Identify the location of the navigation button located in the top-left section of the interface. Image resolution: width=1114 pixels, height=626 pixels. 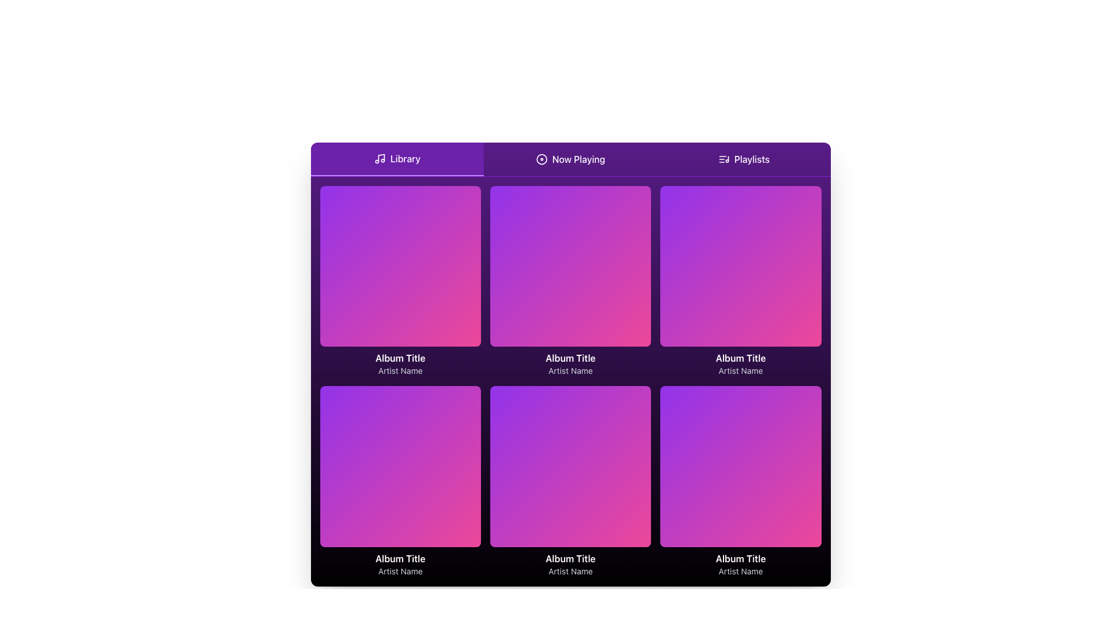
(397, 159).